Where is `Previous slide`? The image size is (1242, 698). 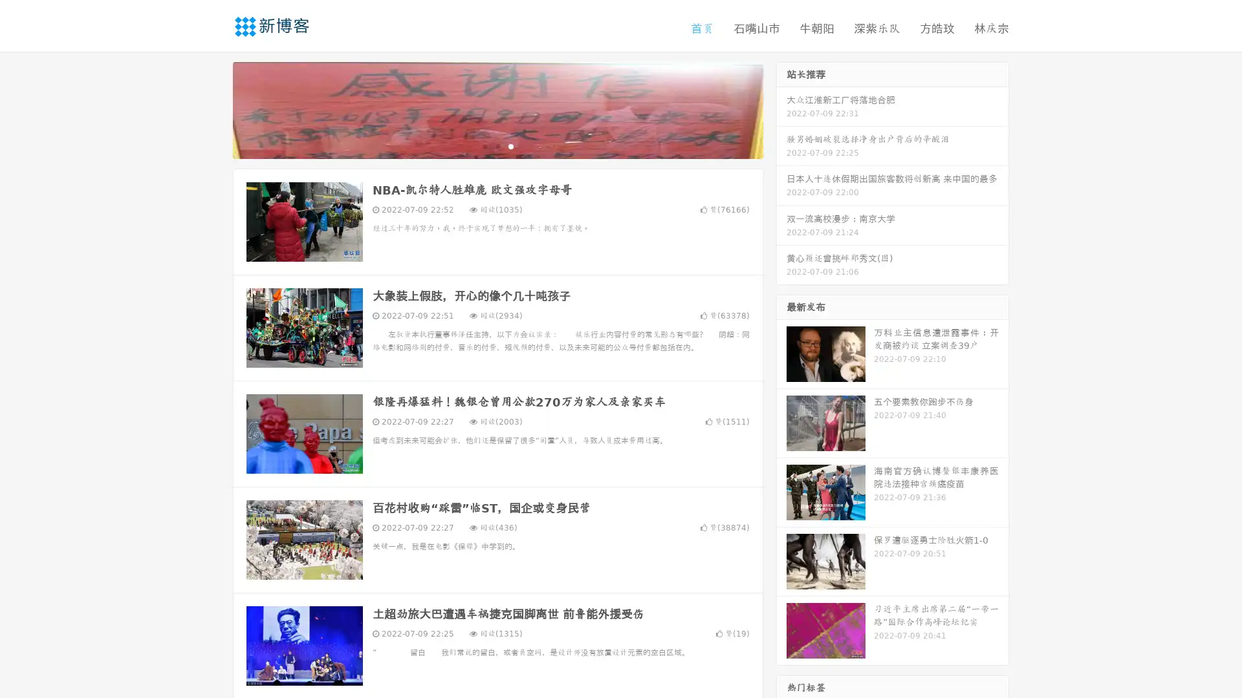 Previous slide is located at coordinates (213, 109).